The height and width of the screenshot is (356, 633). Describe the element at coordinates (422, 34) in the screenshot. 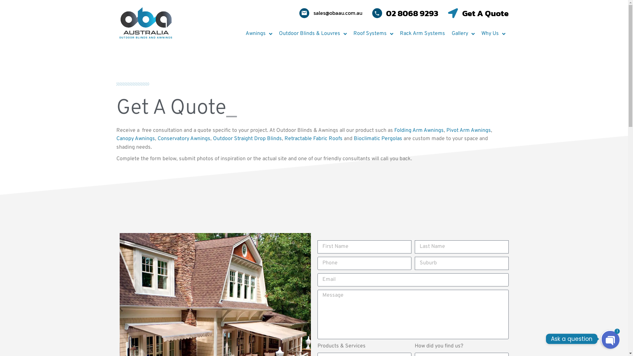

I see `'Rack Arm Systems'` at that location.